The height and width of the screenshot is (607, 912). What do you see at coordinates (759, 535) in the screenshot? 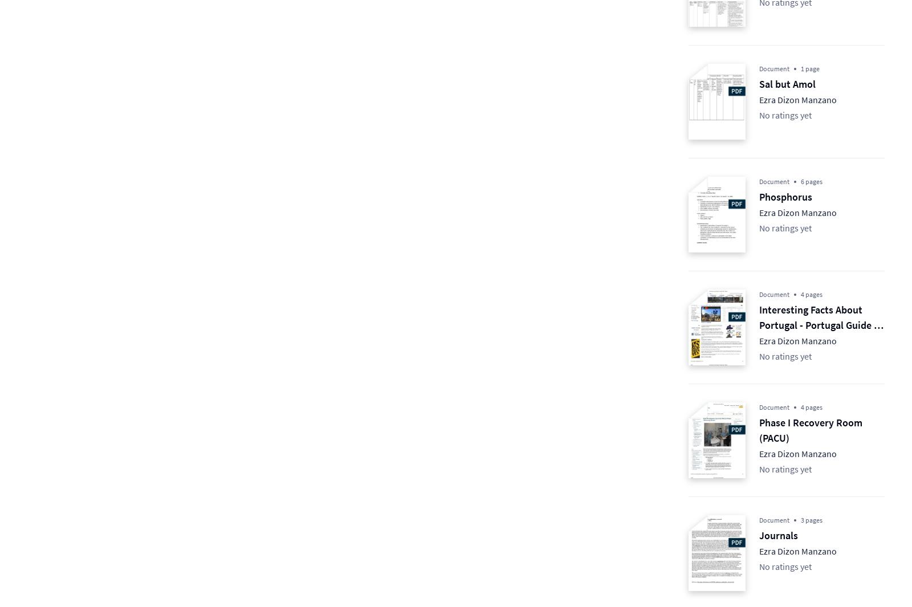
I see `'Journals'` at bounding box center [759, 535].